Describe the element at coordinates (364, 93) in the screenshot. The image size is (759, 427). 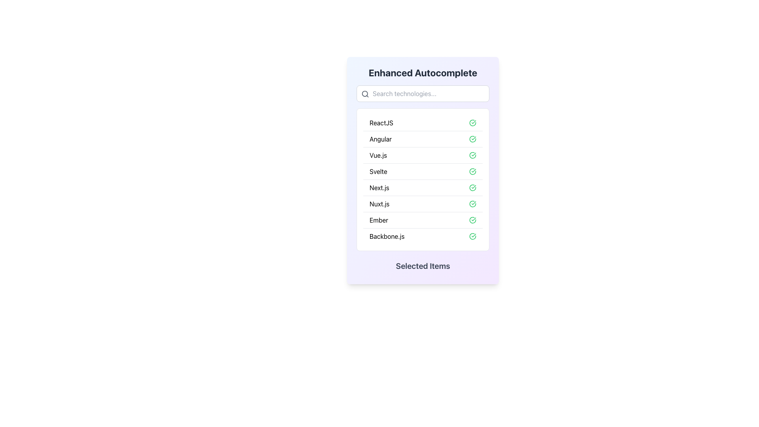
I see `the circular search icon located inside the search bar, which has a thin border and no fill, positioned towards the left side of the entry field labeled 'Search technologies...'` at that location.